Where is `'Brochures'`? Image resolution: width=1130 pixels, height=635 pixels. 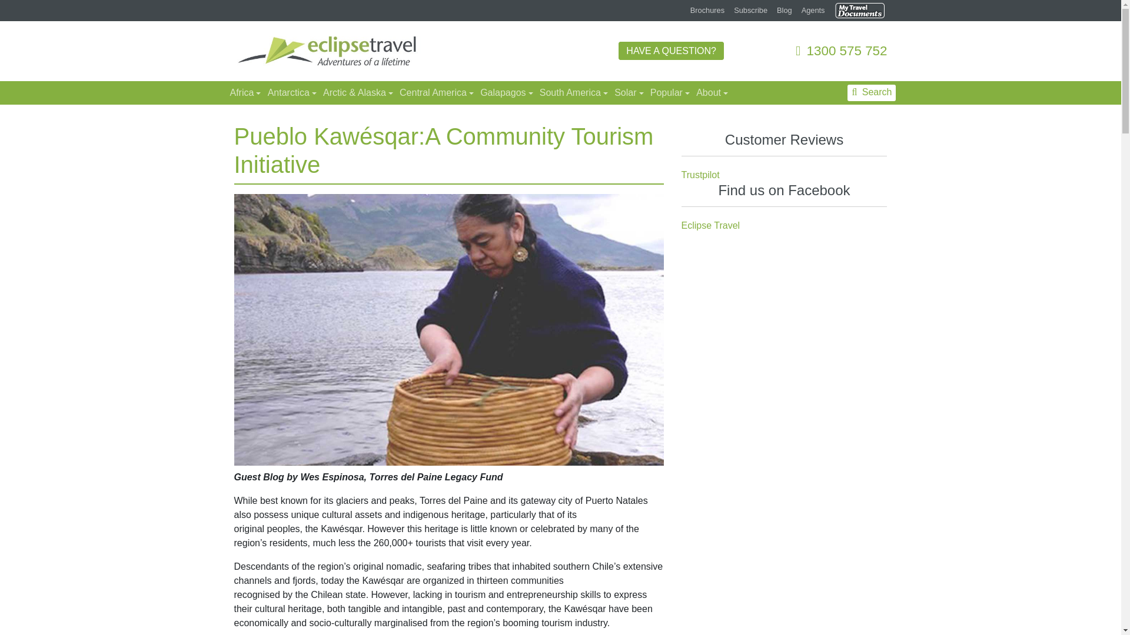 'Brochures' is located at coordinates (706, 10).